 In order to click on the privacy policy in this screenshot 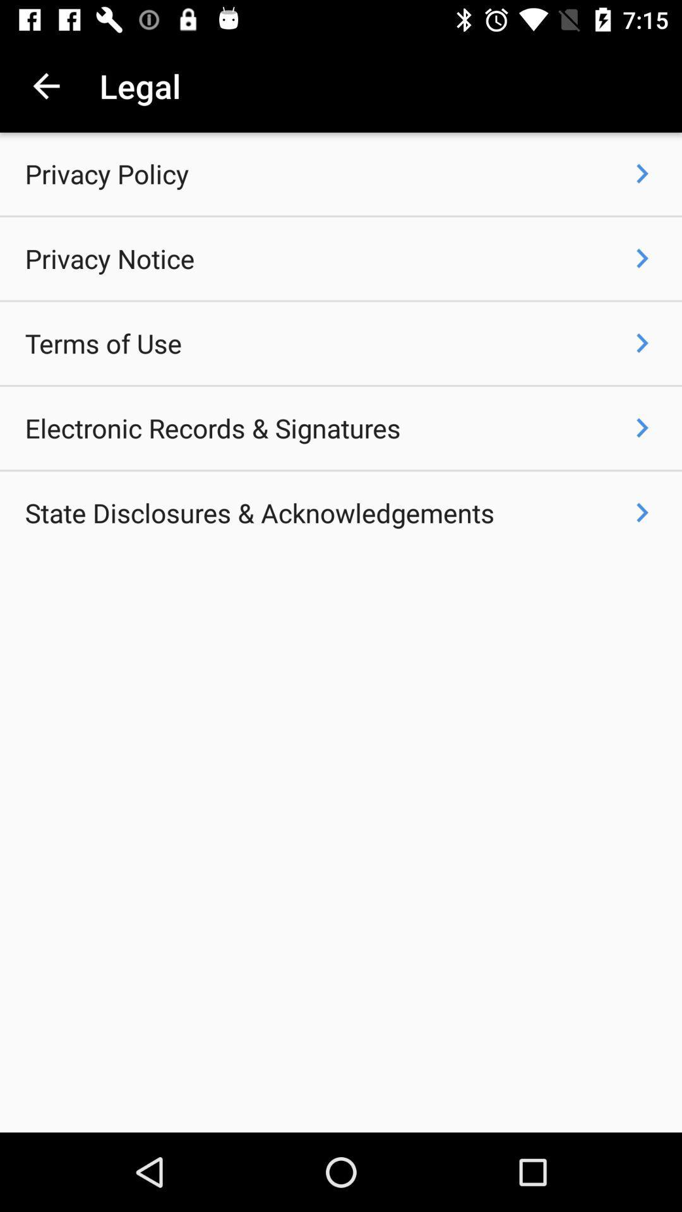, I will do `click(106, 173)`.